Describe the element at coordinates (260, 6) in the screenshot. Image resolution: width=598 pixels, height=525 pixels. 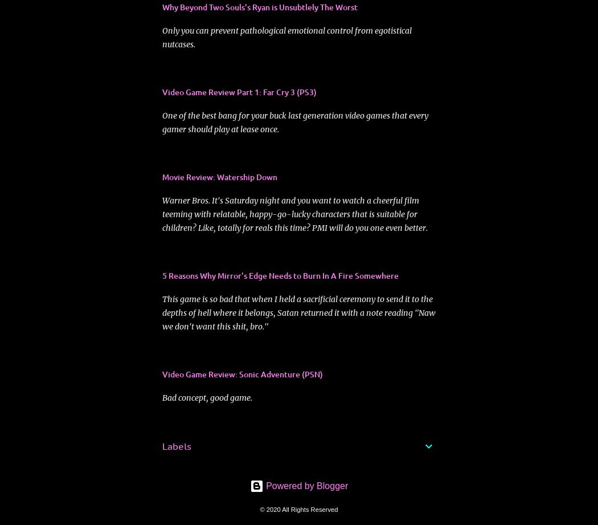
I see `'Why Beyond Two Souls's Ryan is Unsubtlely The Worst'` at that location.